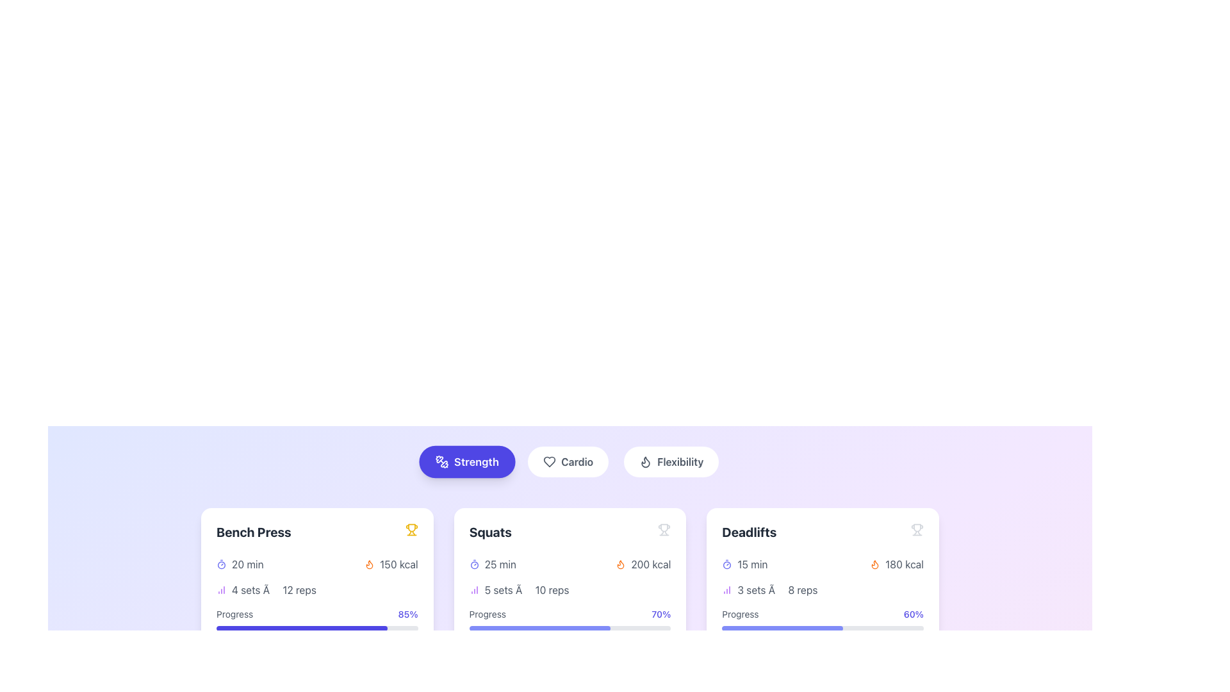 The width and height of the screenshot is (1230, 692). What do you see at coordinates (621, 564) in the screenshot?
I see `the flame-shaped icon with an orange fill located in the top-right corner of the 'Squats' card, adjacent to the '200 kcal' text` at bounding box center [621, 564].